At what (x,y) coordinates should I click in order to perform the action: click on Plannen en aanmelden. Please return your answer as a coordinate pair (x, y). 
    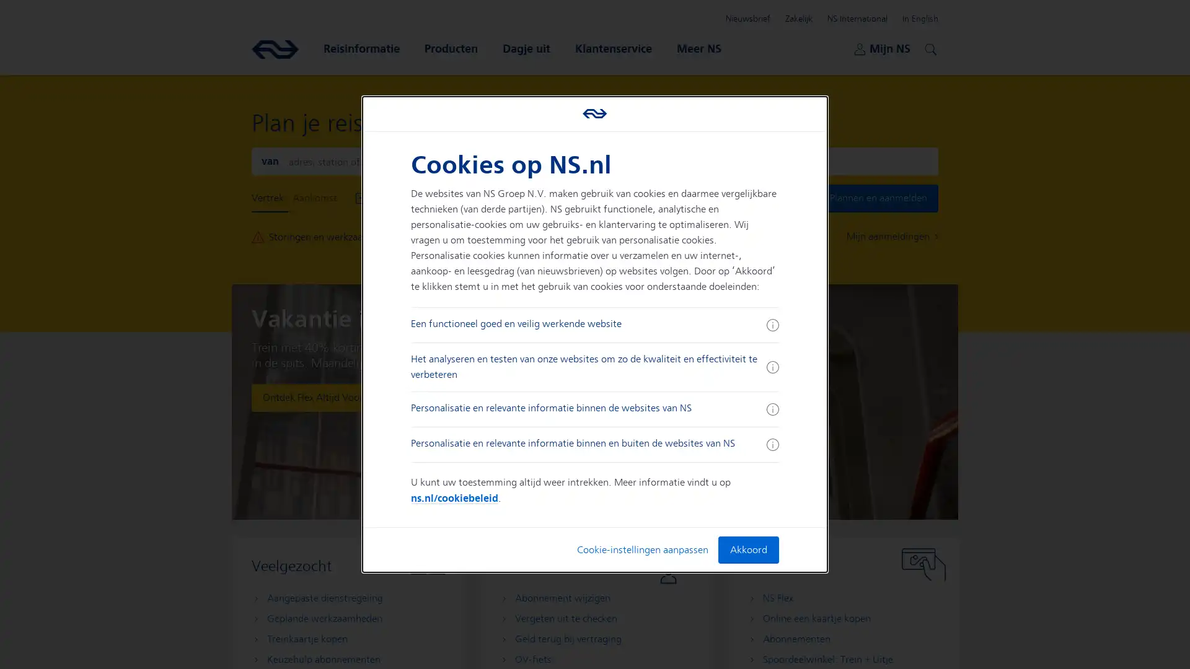
    Looking at the image, I should click on (878, 198).